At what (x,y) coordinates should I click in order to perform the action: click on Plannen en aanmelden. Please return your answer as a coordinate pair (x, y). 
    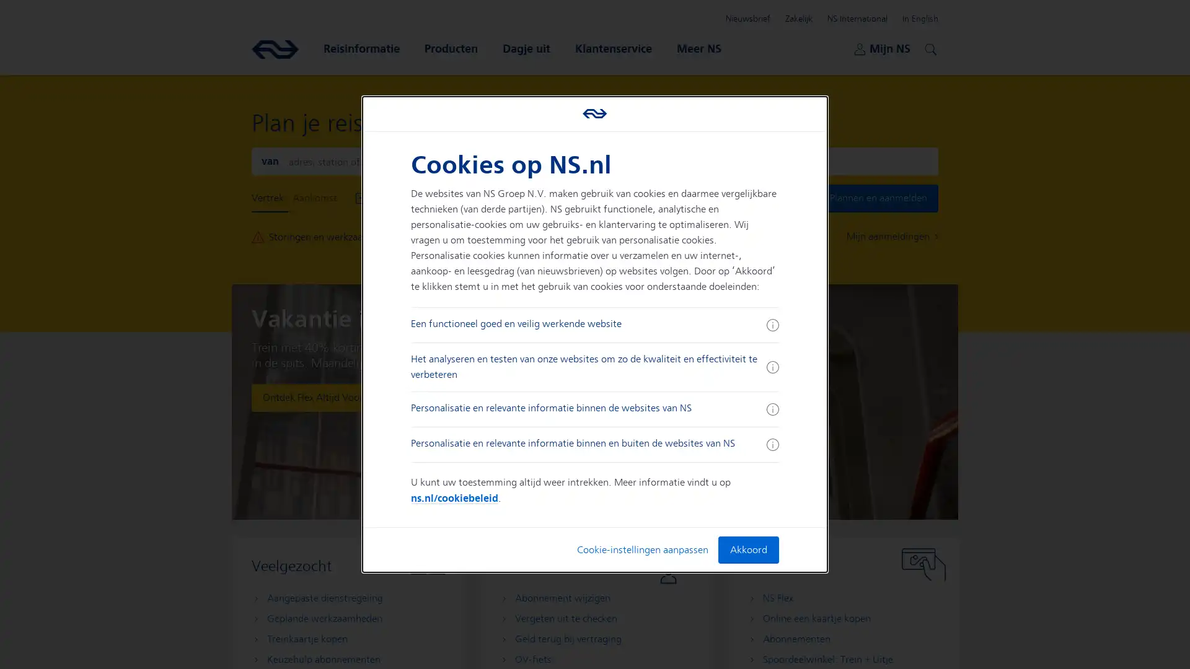
    Looking at the image, I should click on (878, 198).